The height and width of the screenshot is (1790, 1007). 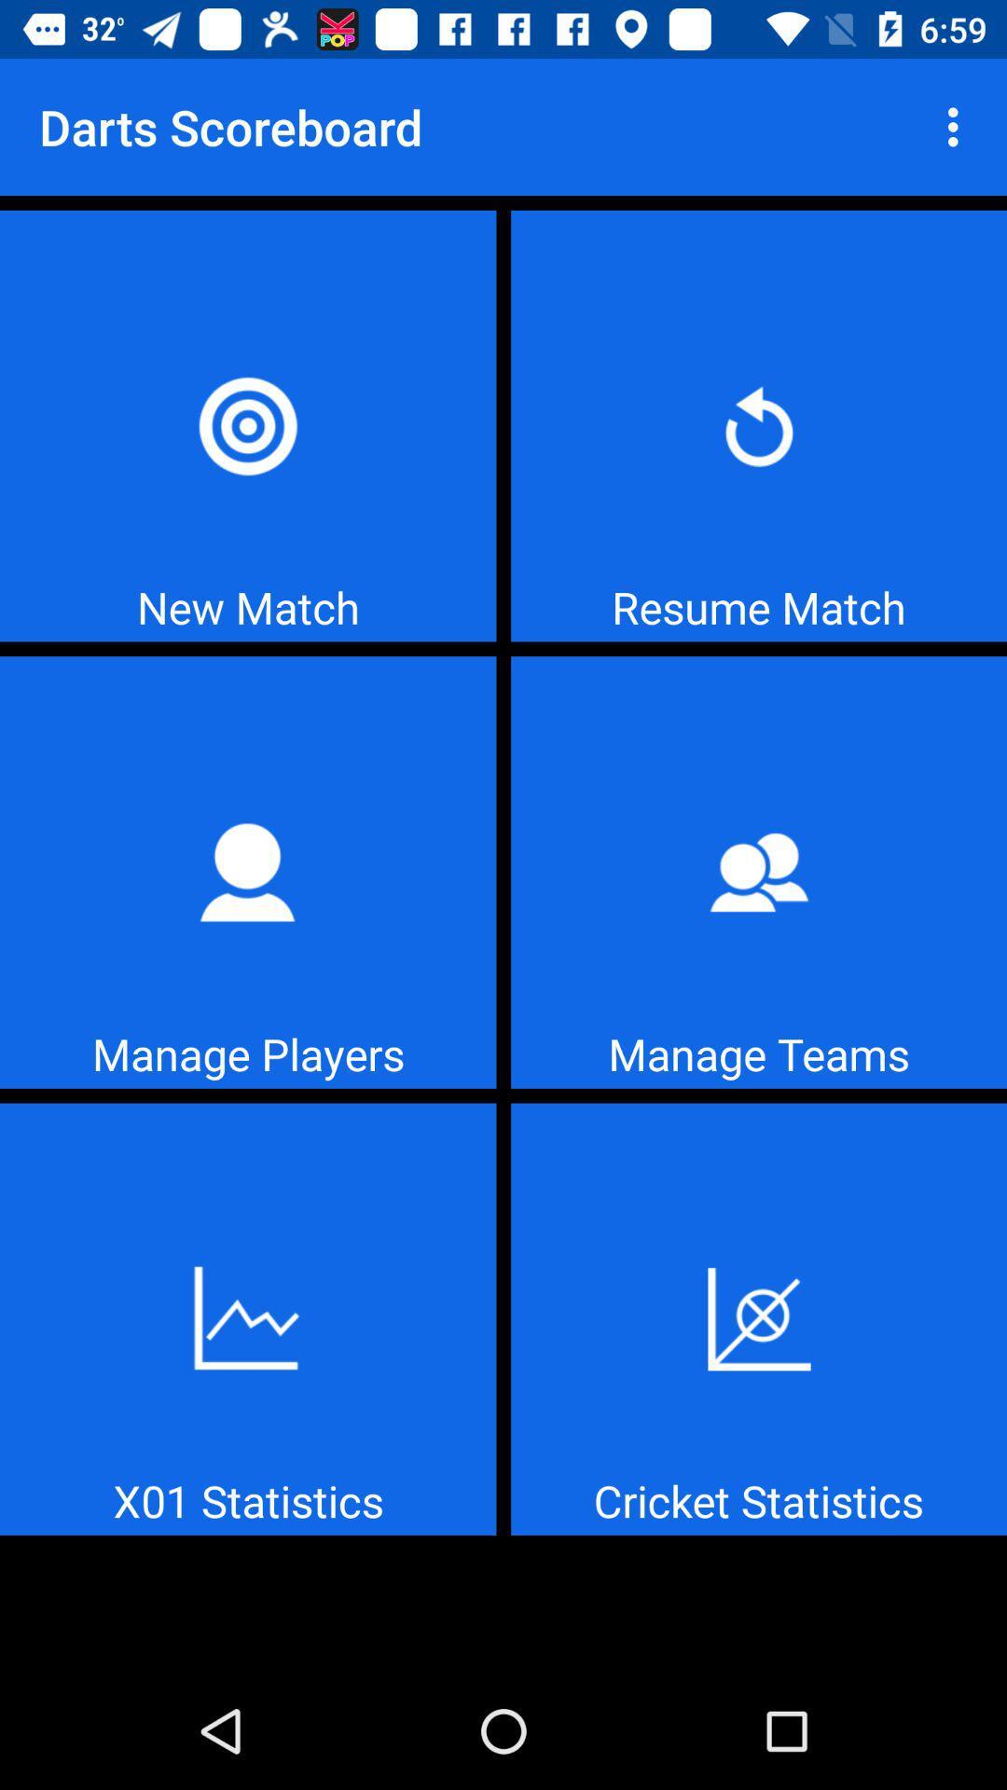 I want to click on resume darts match, so click(x=759, y=425).